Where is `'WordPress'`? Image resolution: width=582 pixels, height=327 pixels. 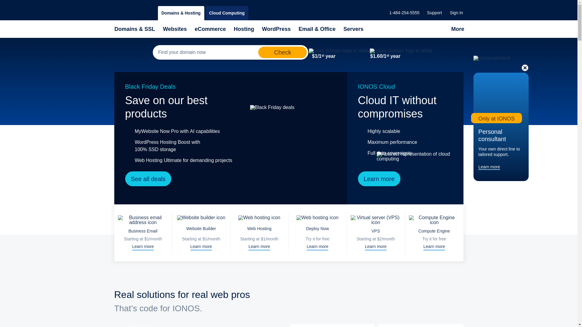 'WordPress' is located at coordinates (276, 29).